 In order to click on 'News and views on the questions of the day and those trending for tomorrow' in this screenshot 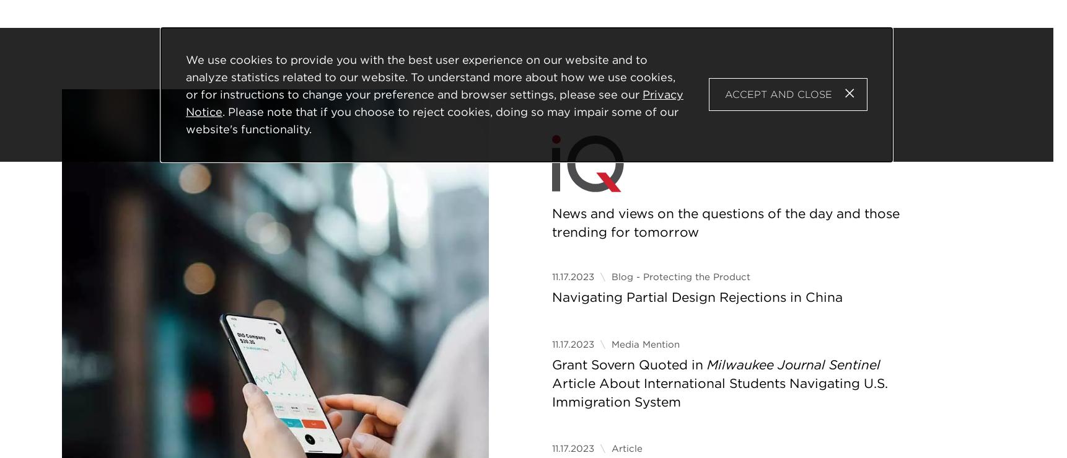, I will do `click(551, 222)`.